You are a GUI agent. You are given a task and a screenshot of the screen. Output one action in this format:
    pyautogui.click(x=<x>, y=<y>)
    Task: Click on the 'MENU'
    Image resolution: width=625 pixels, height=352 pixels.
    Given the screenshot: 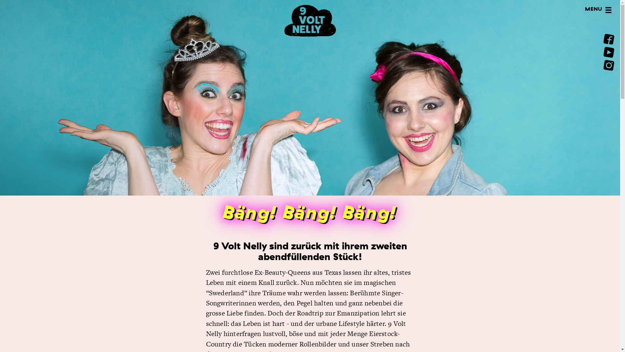 What is the action you would take?
    pyautogui.click(x=608, y=11)
    